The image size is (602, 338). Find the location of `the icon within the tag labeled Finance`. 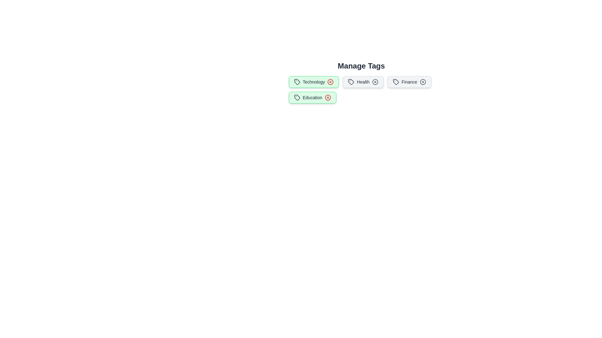

the icon within the tag labeled Finance is located at coordinates (395, 82).